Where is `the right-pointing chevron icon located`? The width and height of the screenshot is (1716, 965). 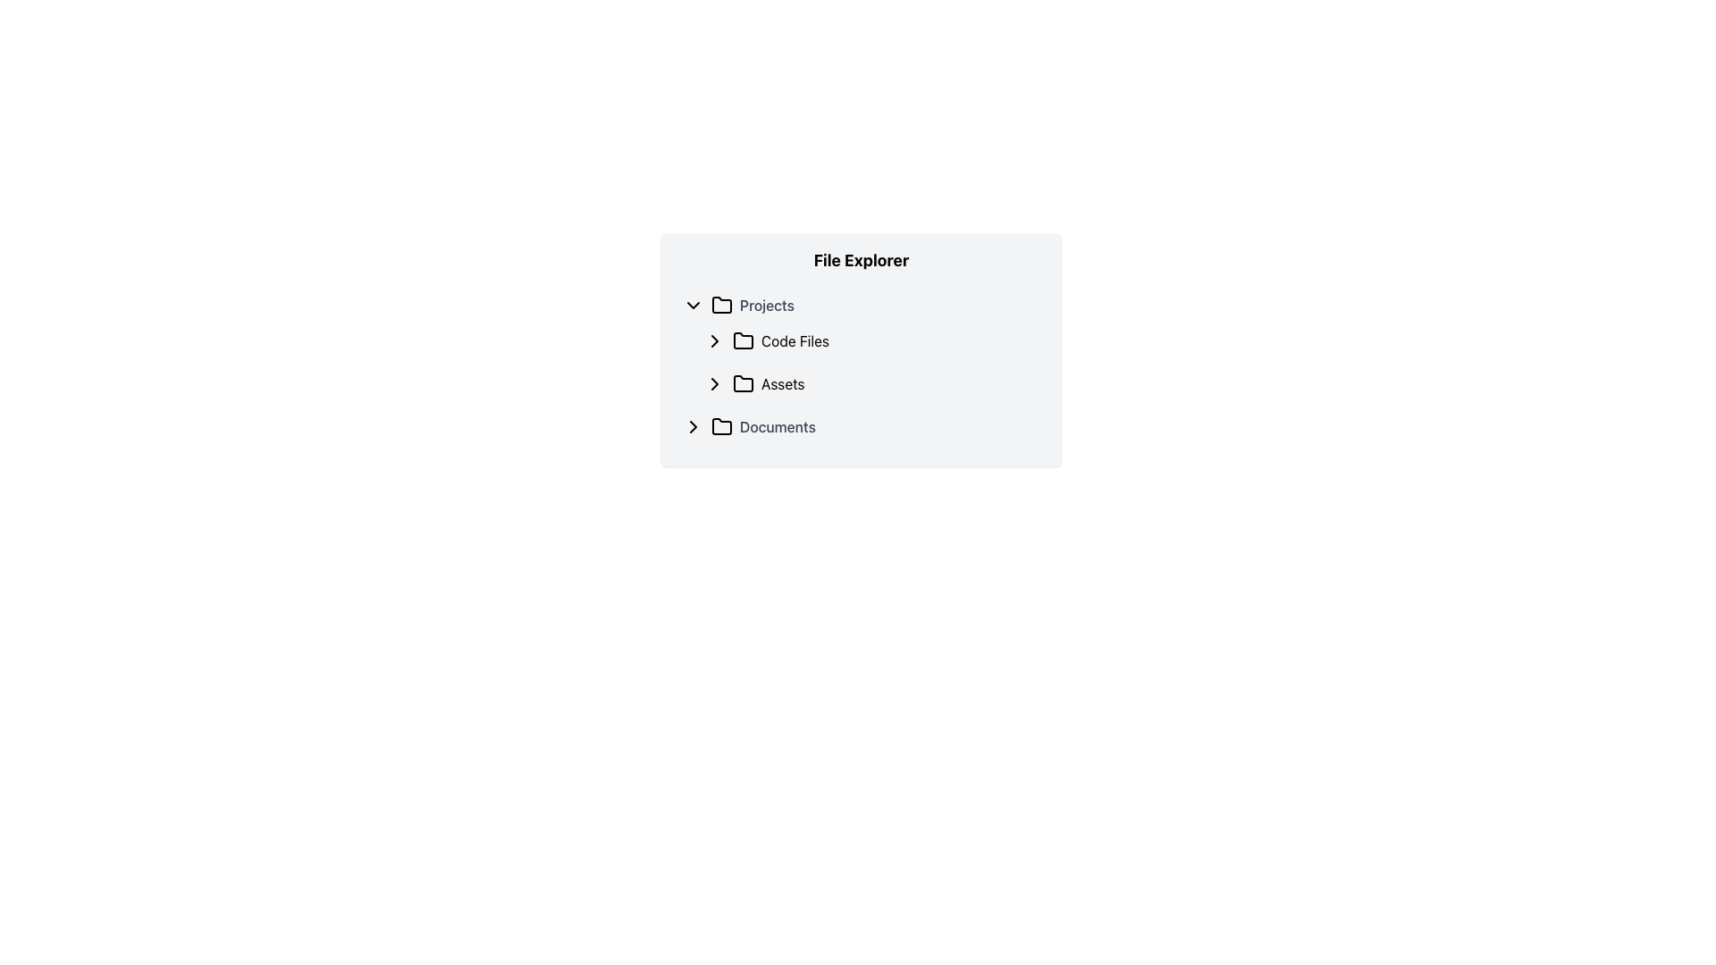
the right-pointing chevron icon located is located at coordinates (715, 340).